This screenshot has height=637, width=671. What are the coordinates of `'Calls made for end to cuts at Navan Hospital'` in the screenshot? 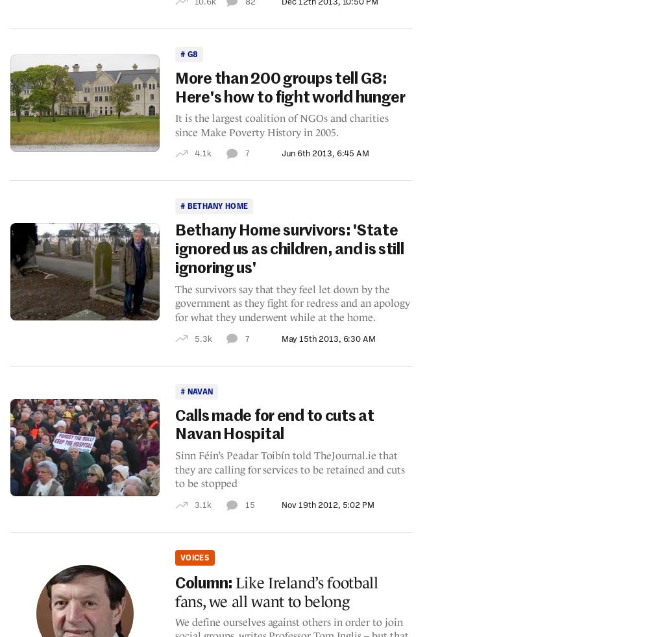 It's located at (274, 424).